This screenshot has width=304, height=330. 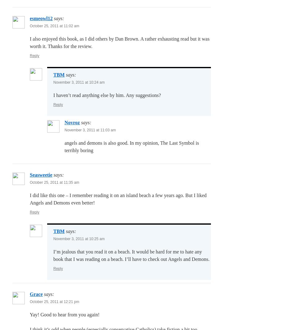 I want to click on 'esmeowl12', so click(x=41, y=18).